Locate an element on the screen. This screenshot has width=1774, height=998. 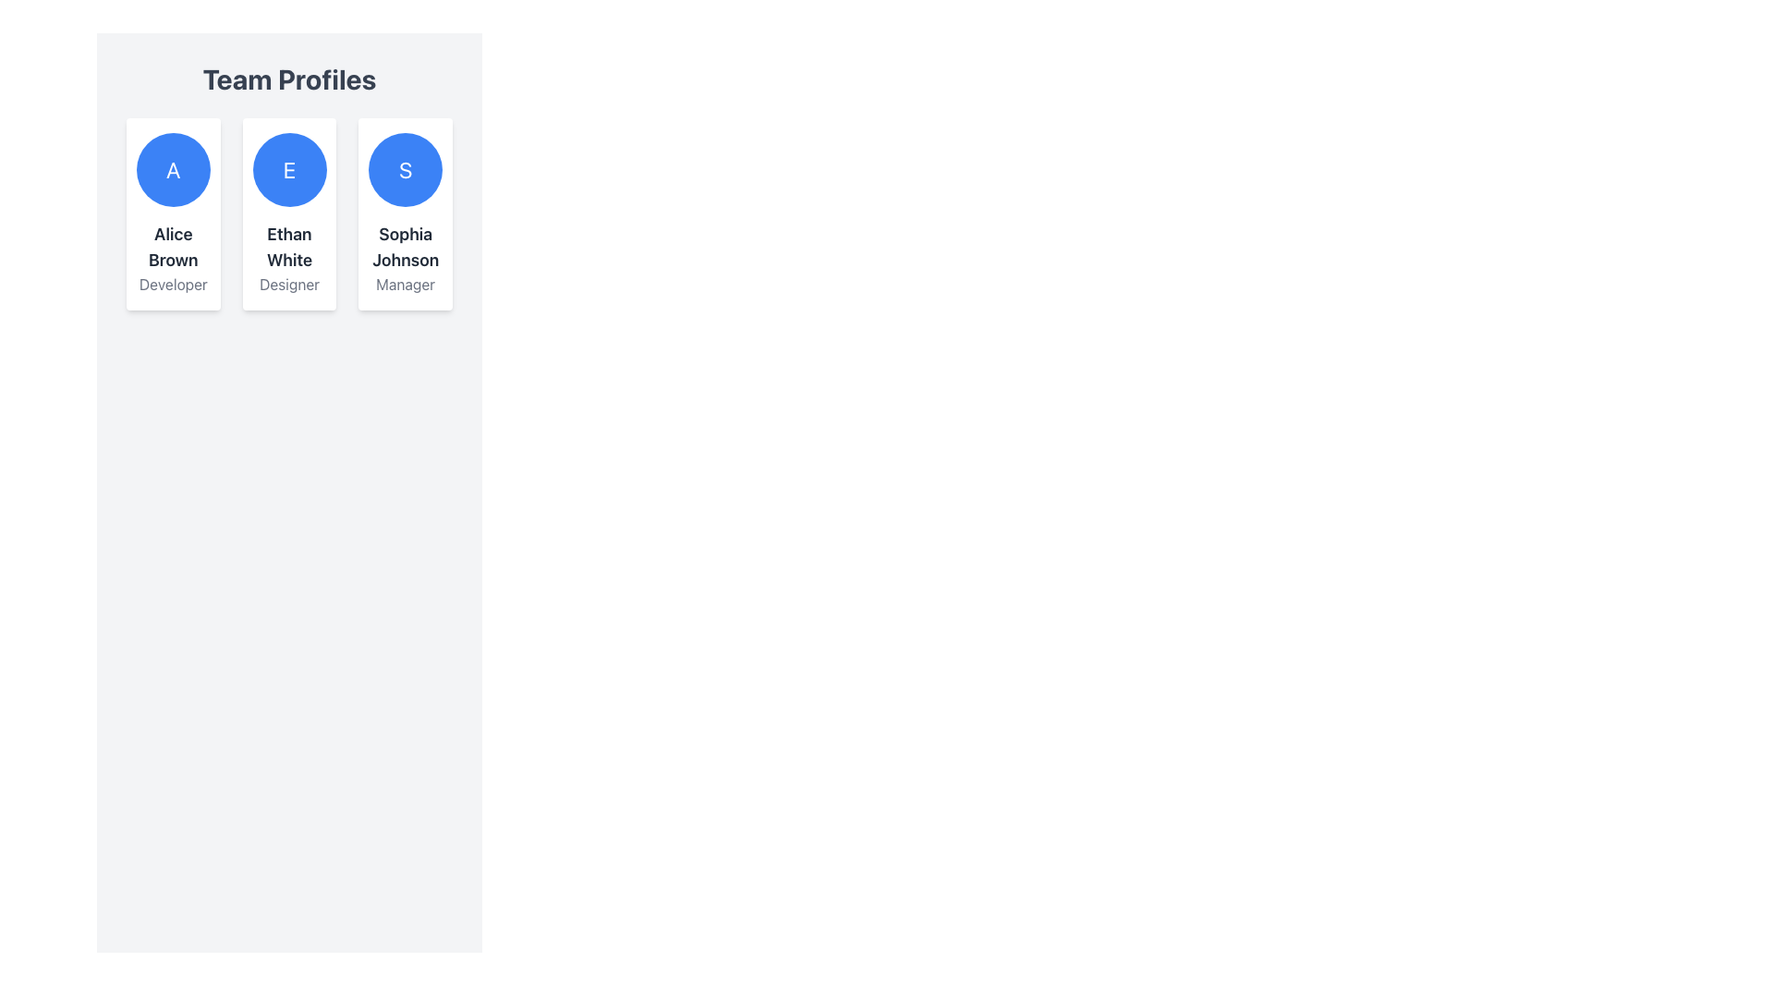
the non-interactive text label representing the job title of 'Ethan White' located at the bottom of the profile card is located at coordinates (288, 285).